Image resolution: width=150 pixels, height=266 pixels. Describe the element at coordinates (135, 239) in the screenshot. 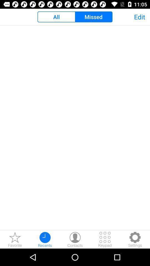

I see `the settings icon` at that location.